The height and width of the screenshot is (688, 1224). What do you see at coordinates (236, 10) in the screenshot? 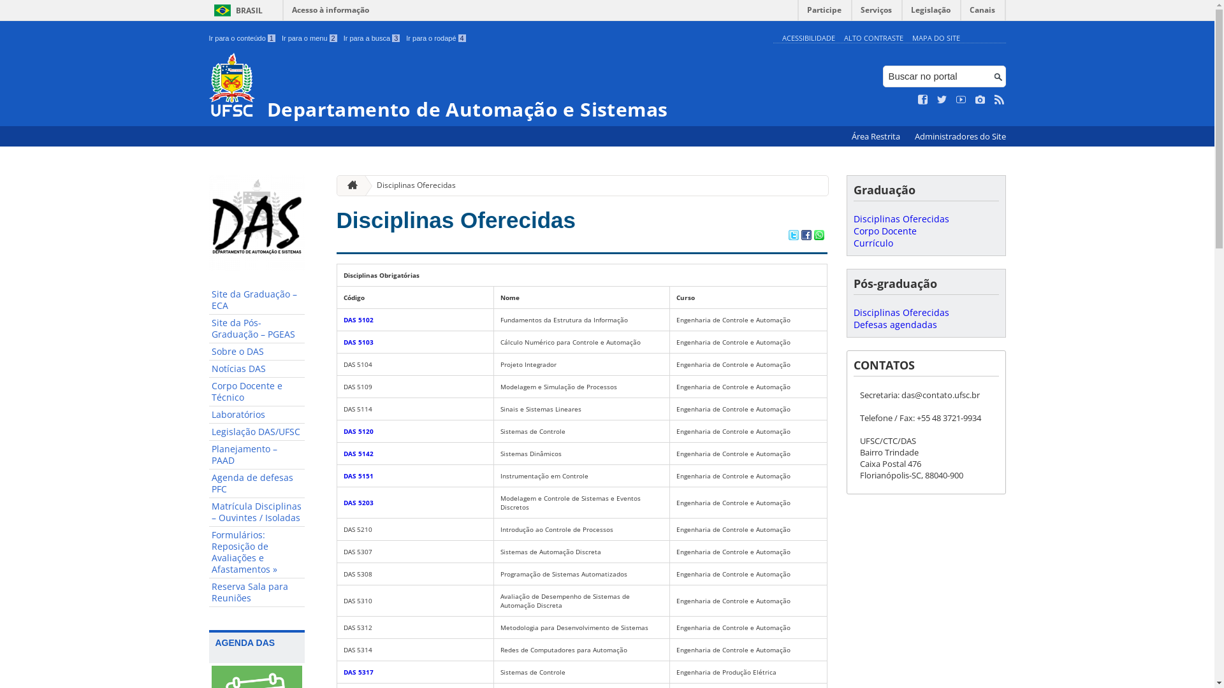
I see `'BRASIL'` at bounding box center [236, 10].